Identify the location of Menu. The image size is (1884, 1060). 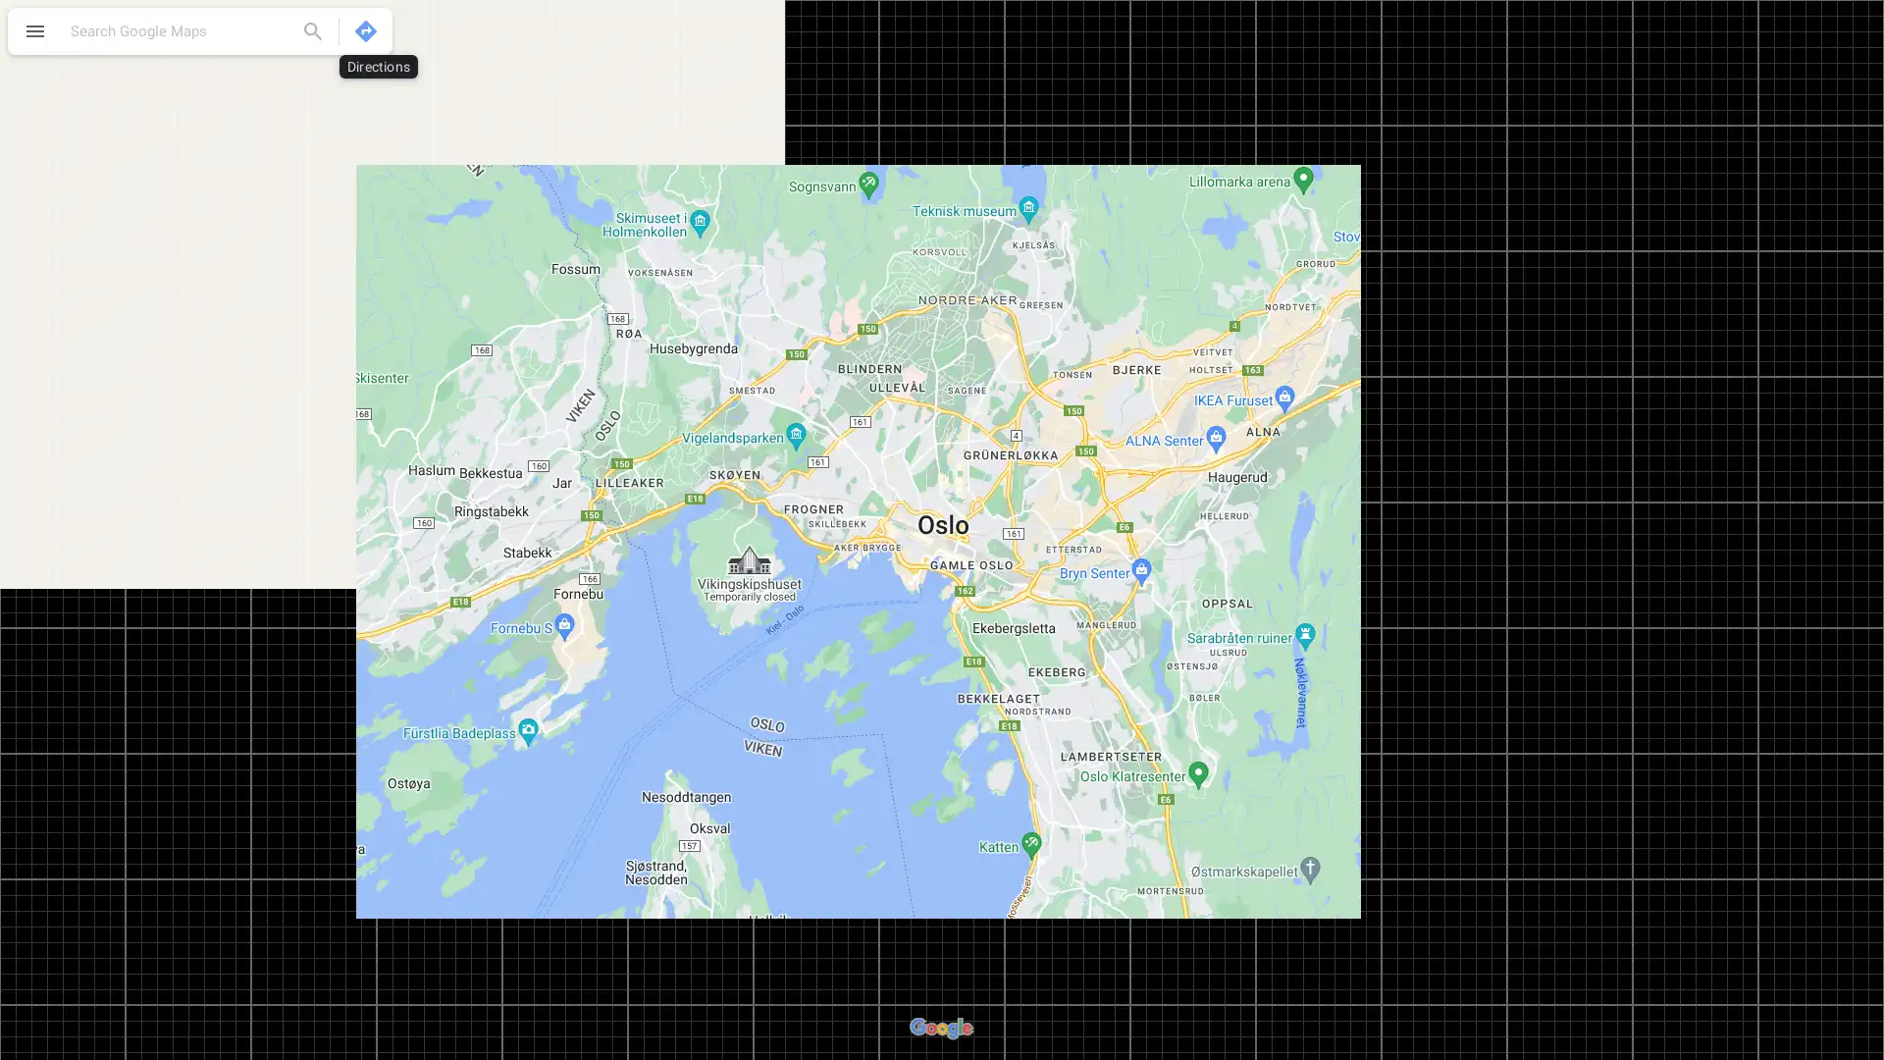
(34, 33).